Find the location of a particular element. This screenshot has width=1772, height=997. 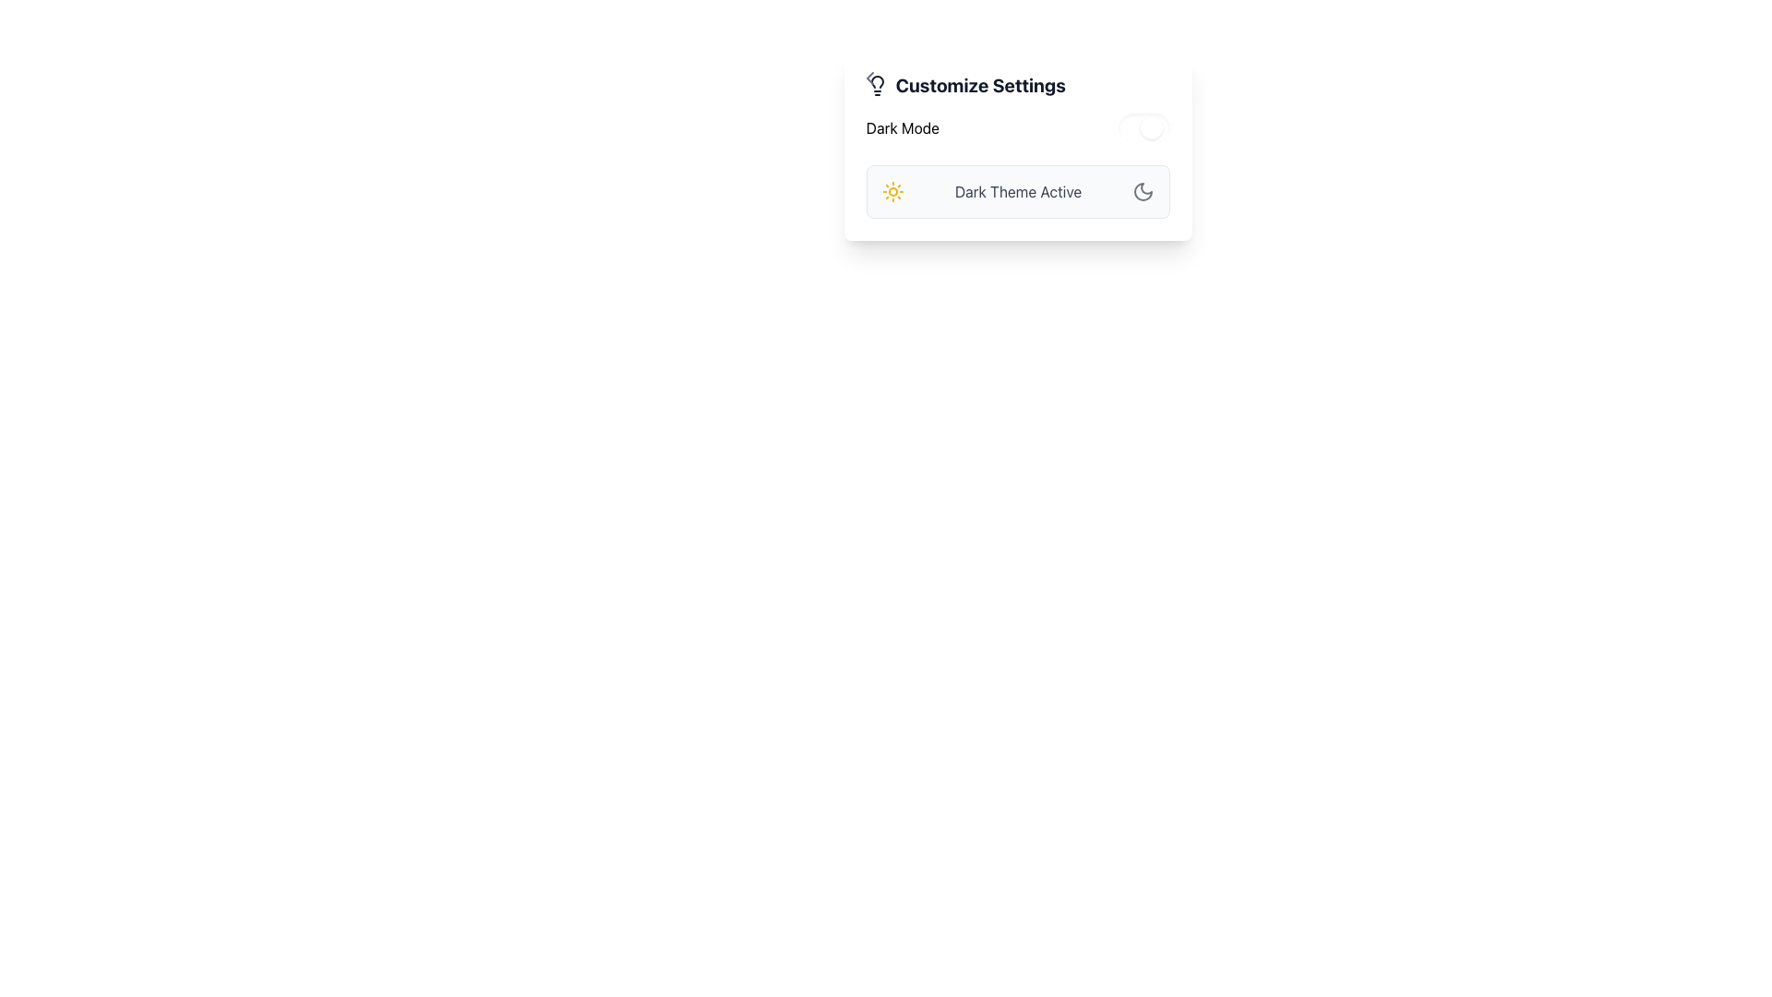

the left-pointing chevron arrow icon located at the top-left corner of the interface is located at coordinates (868, 77).